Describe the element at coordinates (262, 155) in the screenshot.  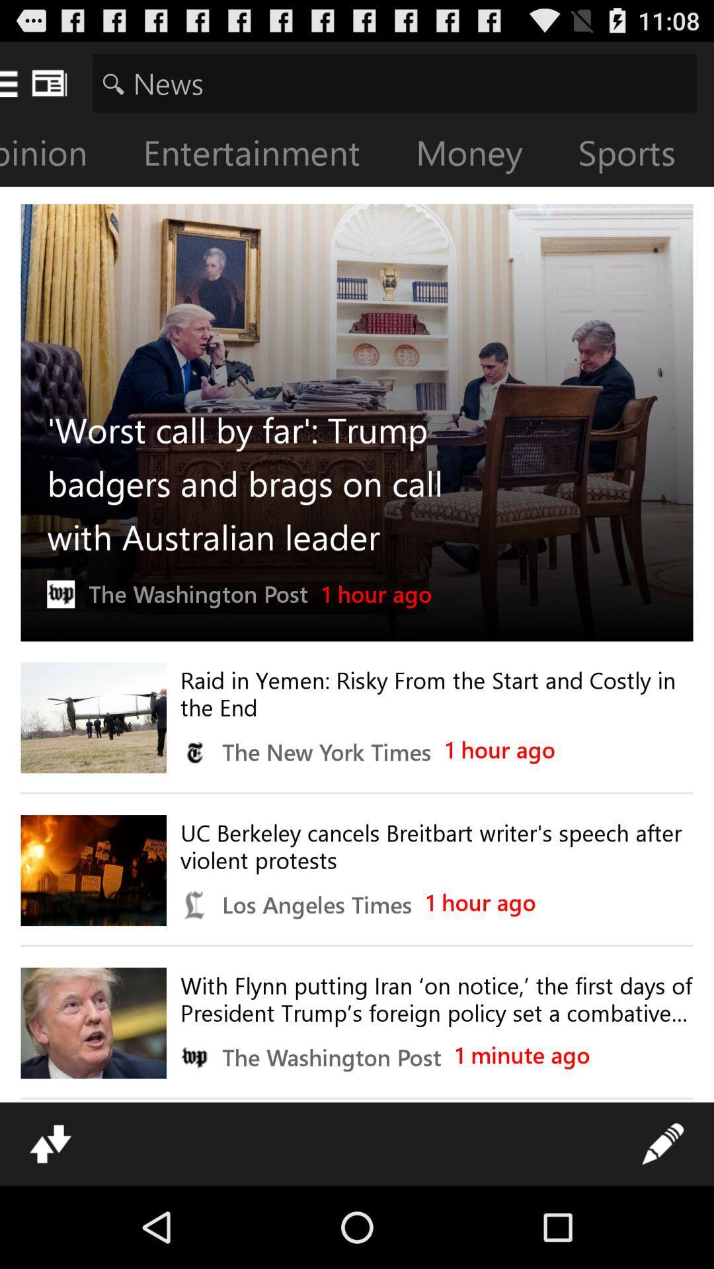
I see `item next to opinion icon` at that location.